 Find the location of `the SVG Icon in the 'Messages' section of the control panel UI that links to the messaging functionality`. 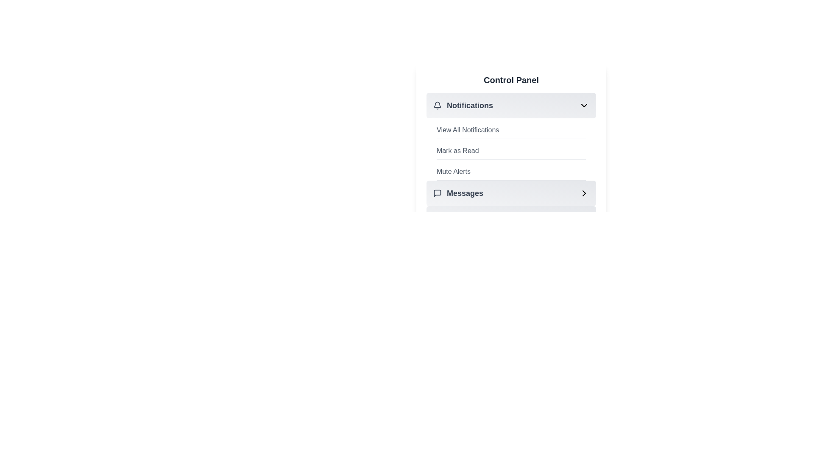

the SVG Icon in the 'Messages' section of the control panel UI that links to the messaging functionality is located at coordinates (438, 193).